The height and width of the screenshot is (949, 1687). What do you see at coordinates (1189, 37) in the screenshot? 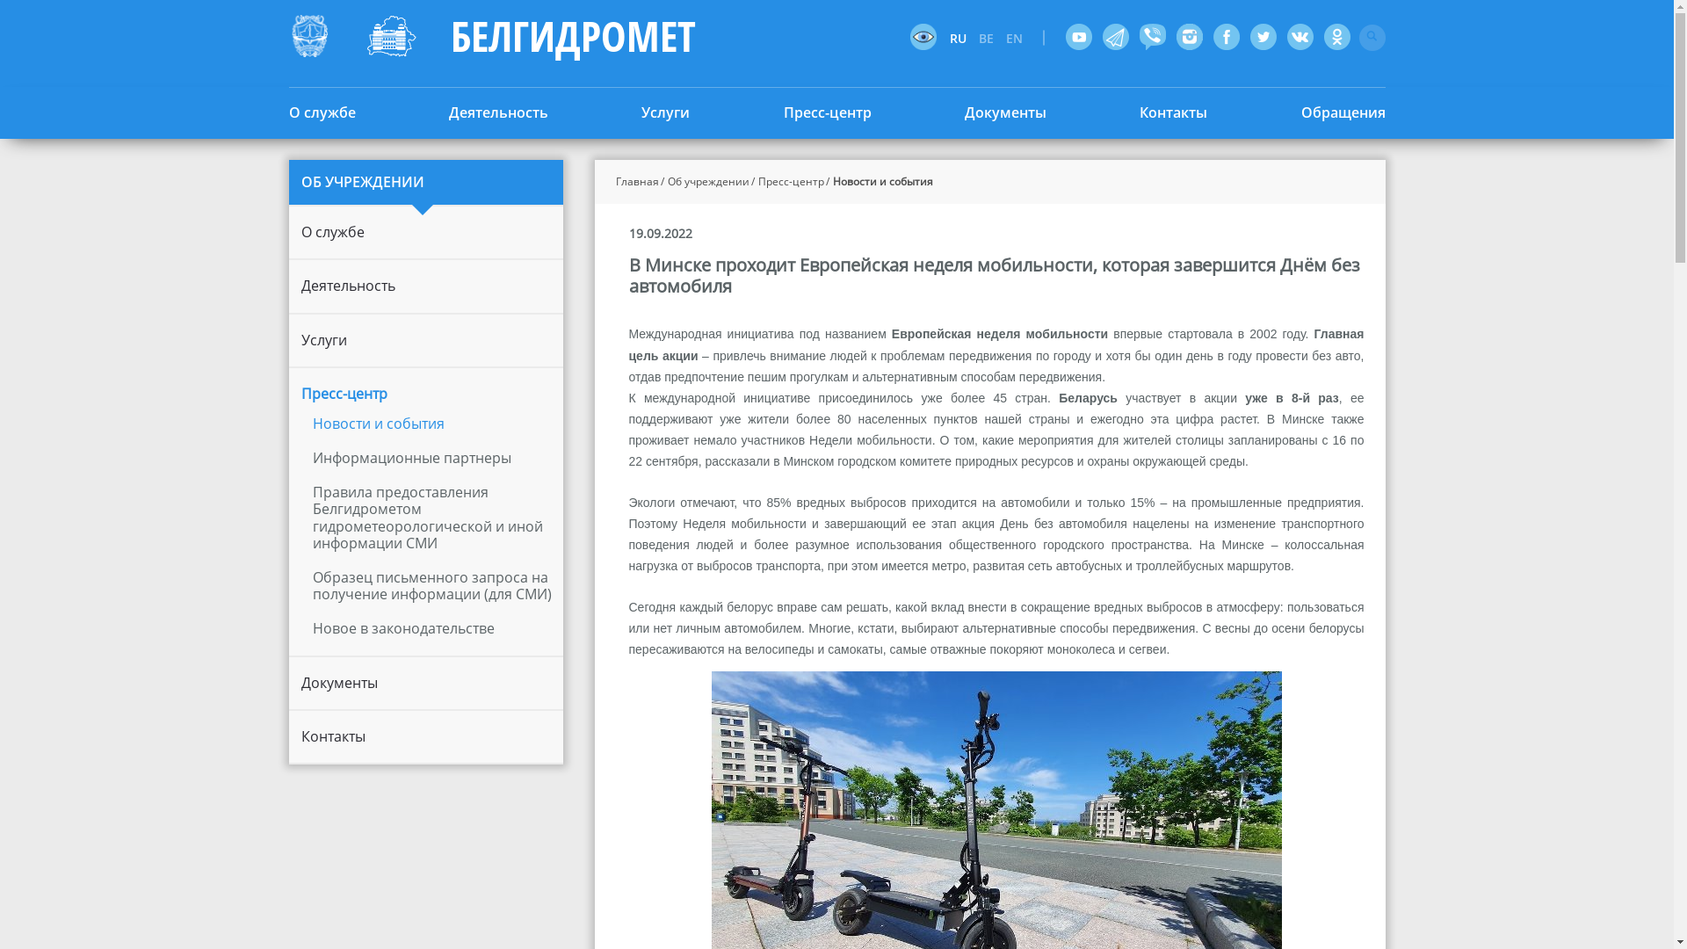
I see `'instagram'` at bounding box center [1189, 37].